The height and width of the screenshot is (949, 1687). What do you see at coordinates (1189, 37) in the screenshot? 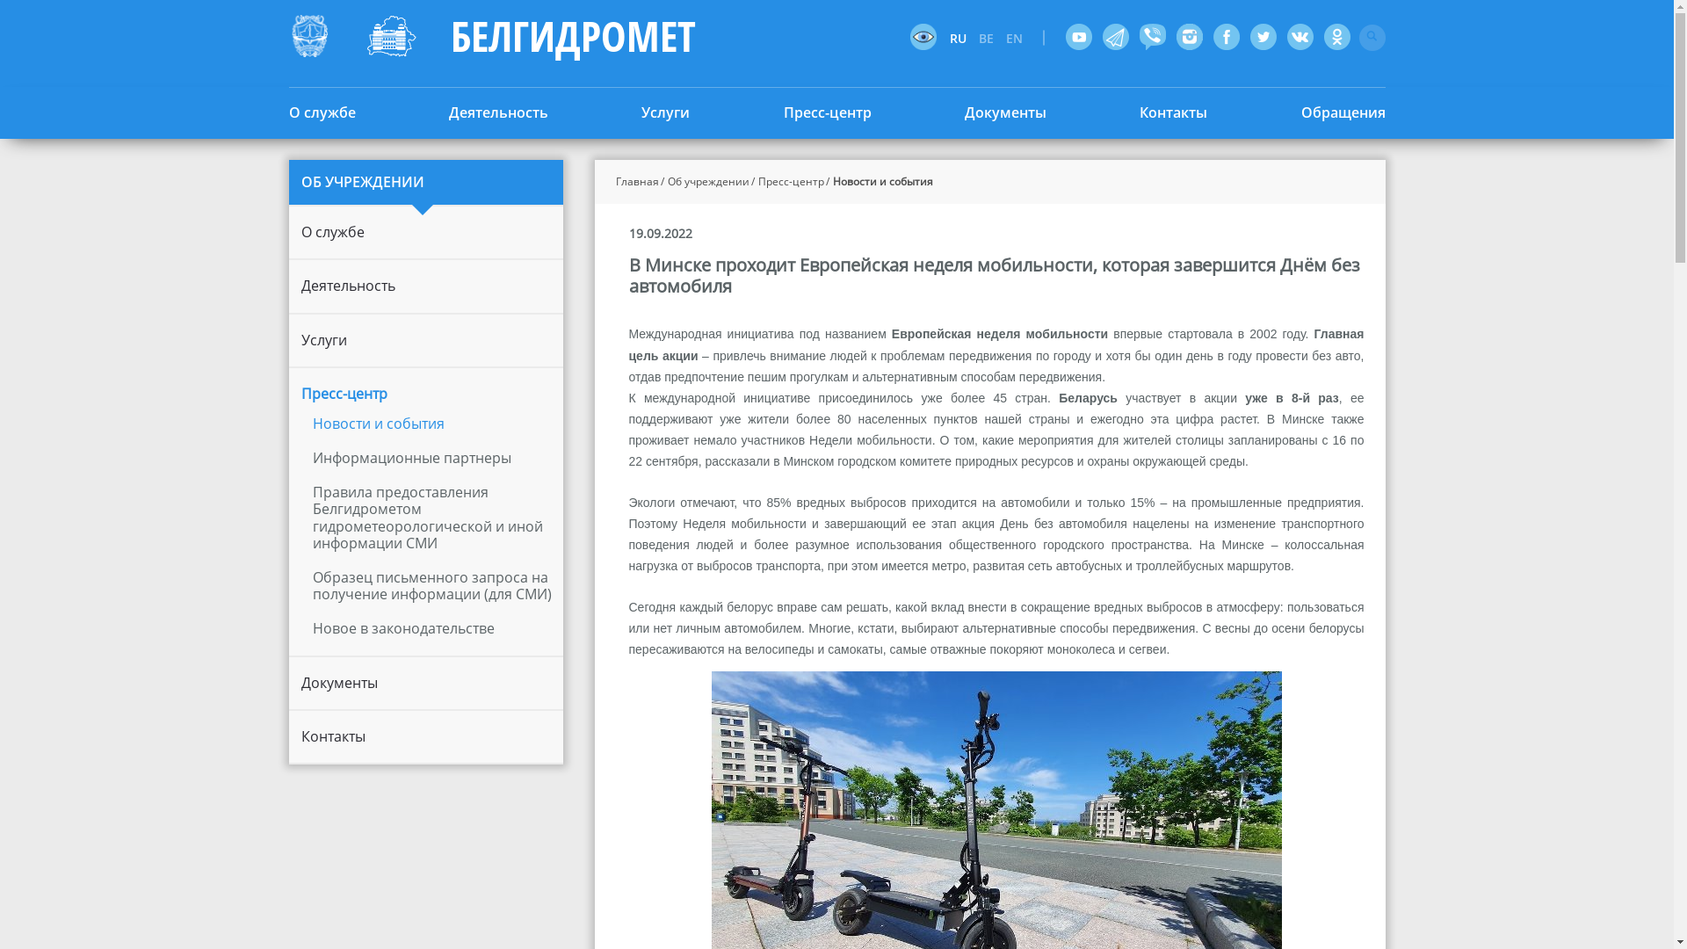
I see `'instagram'` at bounding box center [1189, 37].